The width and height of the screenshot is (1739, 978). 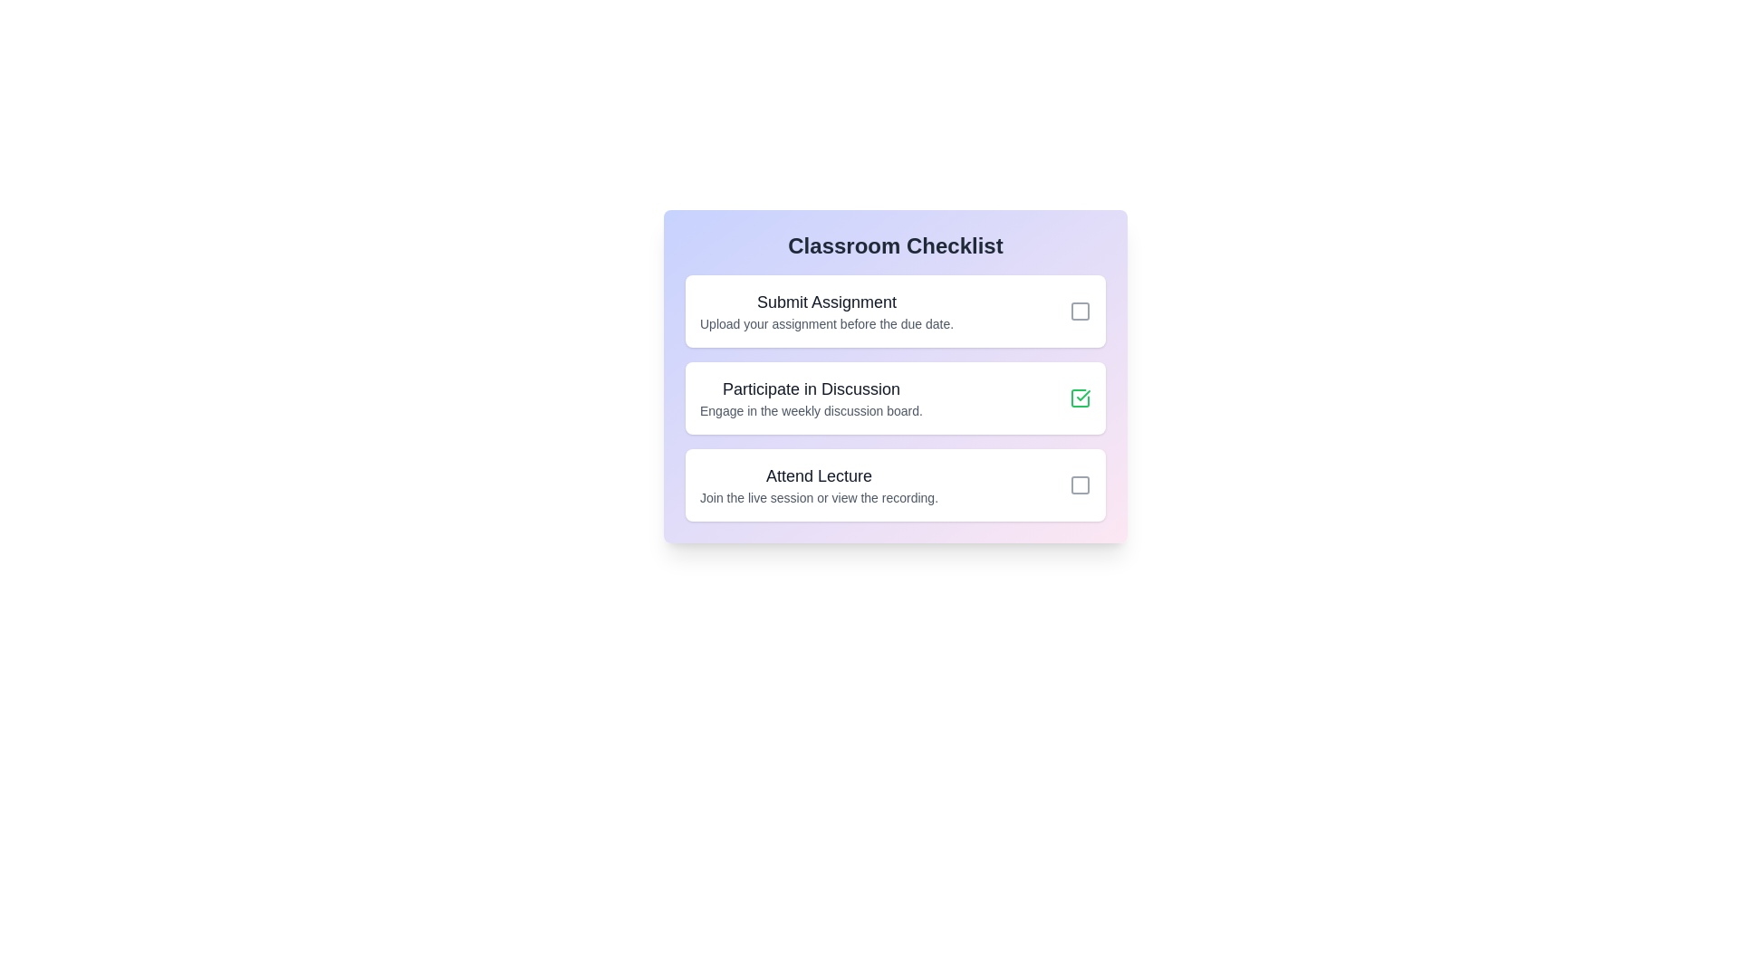 I want to click on the checkbox in the second row of the 'Classroom Checklist', so click(x=895, y=376).